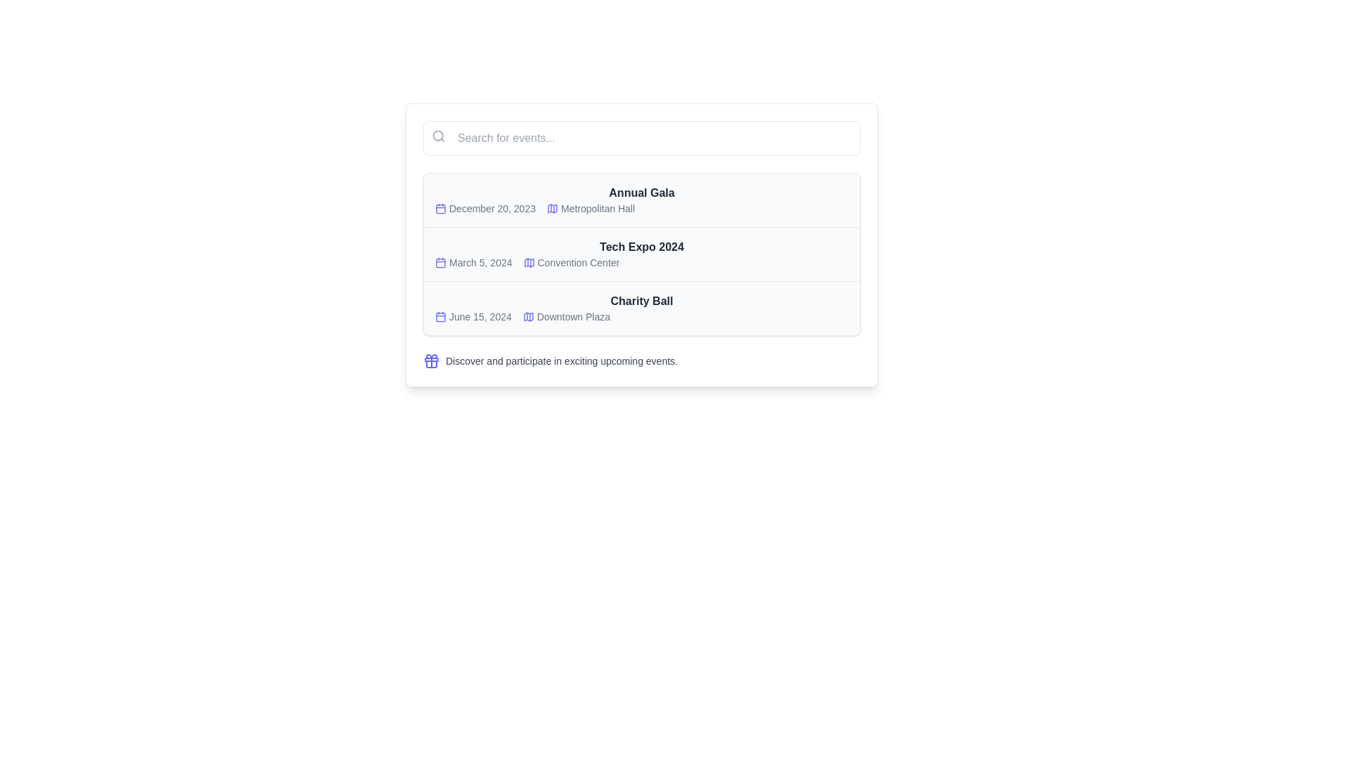  I want to click on date information for the event 'Tech Expo 2024' located in the second row of the event list, to the left of the text 'Tech Expo 2024', so click(473, 263).